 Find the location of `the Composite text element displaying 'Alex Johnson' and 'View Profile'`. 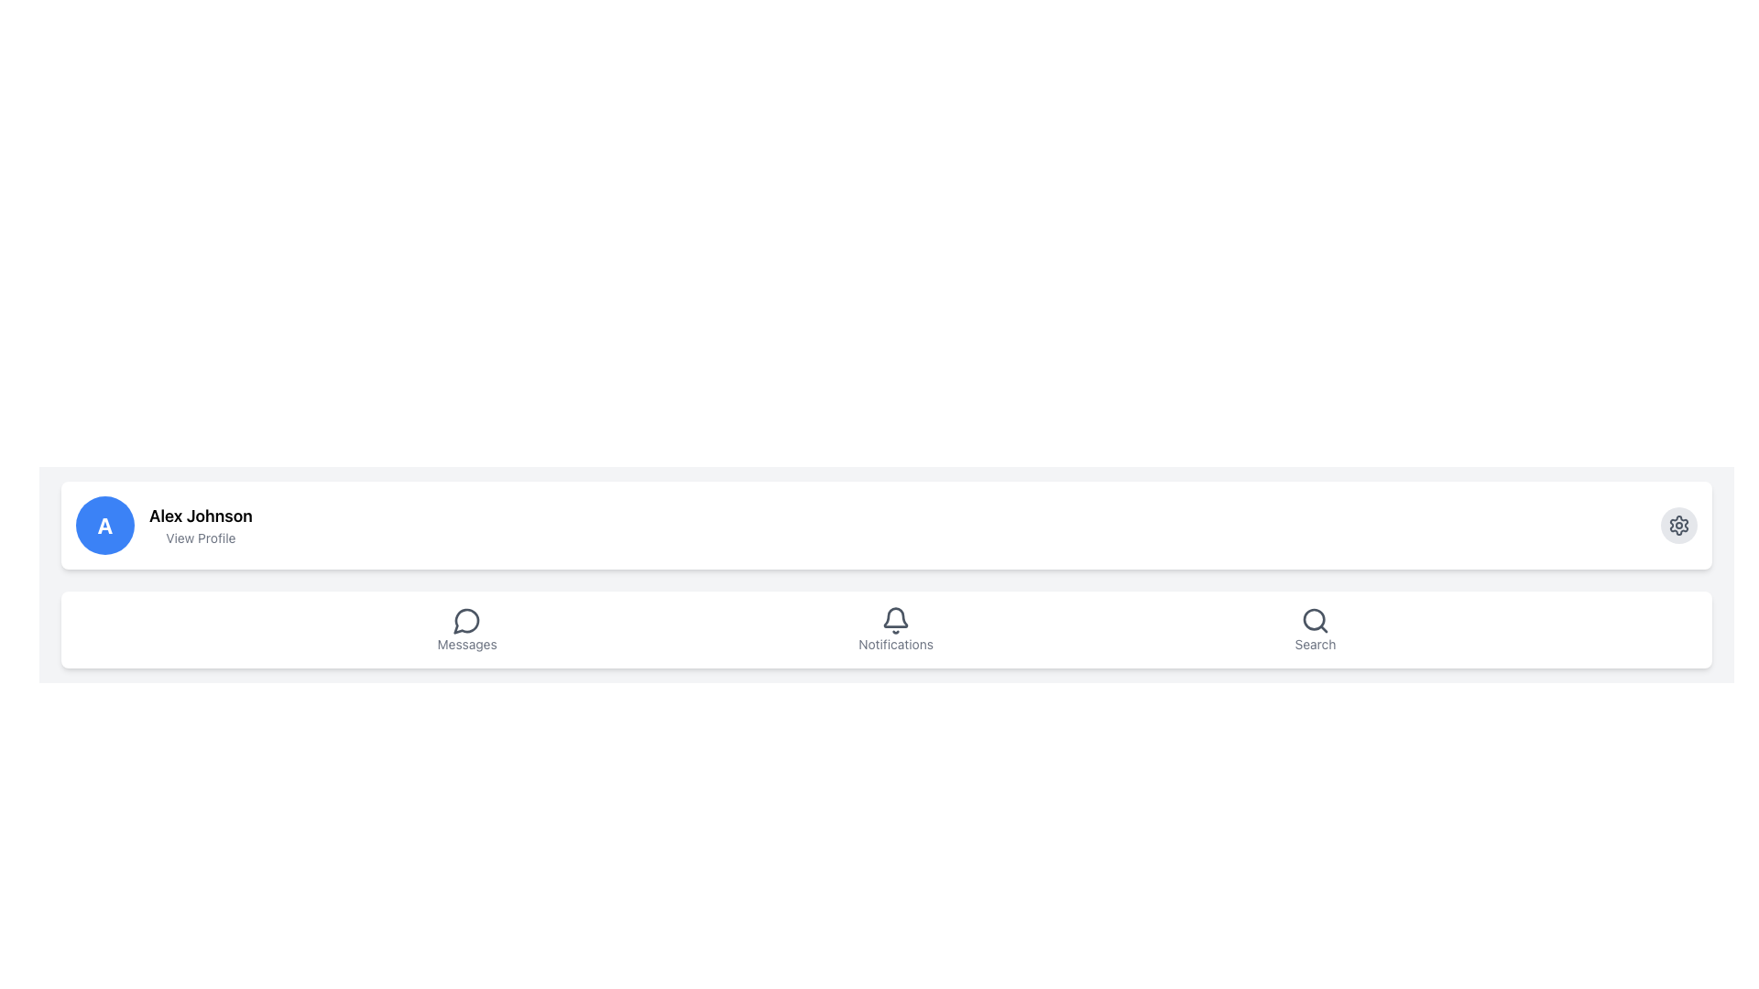

the Composite text element displaying 'Alex Johnson' and 'View Profile' is located at coordinates (201, 526).